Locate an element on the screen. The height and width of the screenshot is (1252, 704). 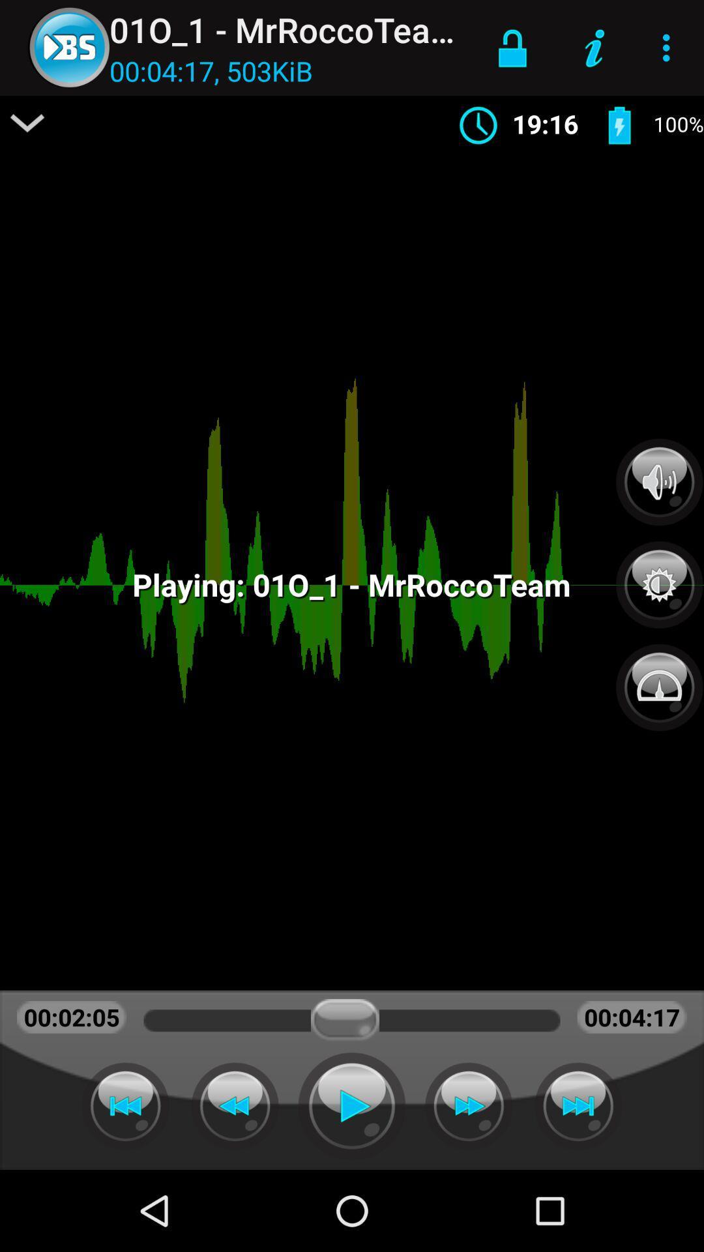
song is located at coordinates (352, 1105).